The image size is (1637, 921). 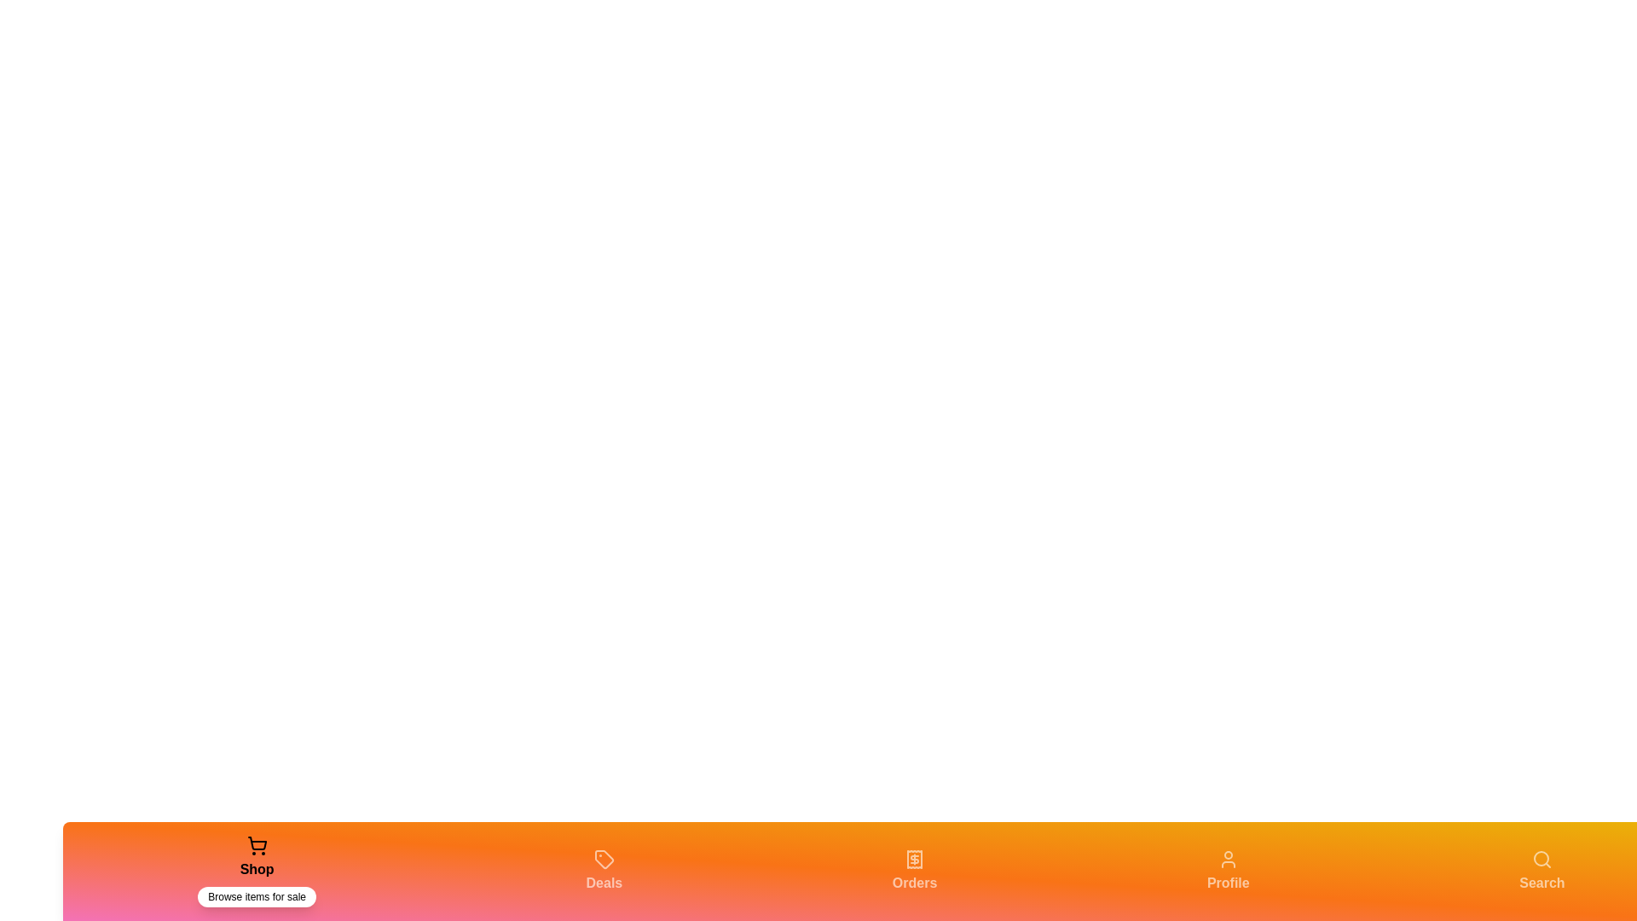 I want to click on the Shop tab in the navigation bar, so click(x=256, y=872).